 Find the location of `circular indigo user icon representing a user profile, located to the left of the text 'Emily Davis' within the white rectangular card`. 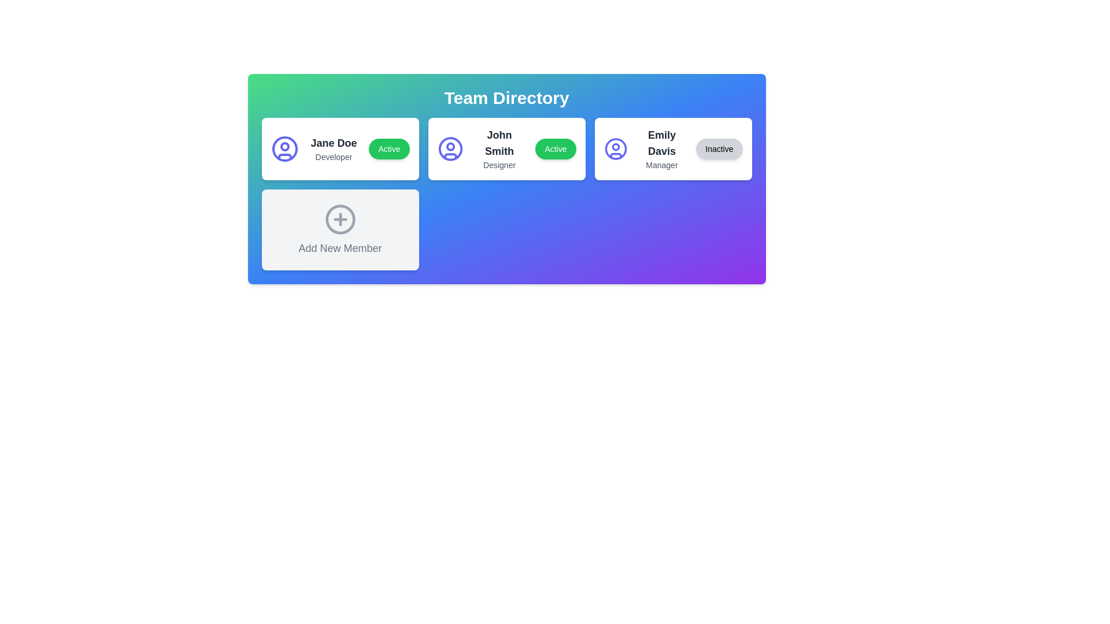

circular indigo user icon representing a user profile, located to the left of the text 'Emily Davis' within the white rectangular card is located at coordinates (615, 148).